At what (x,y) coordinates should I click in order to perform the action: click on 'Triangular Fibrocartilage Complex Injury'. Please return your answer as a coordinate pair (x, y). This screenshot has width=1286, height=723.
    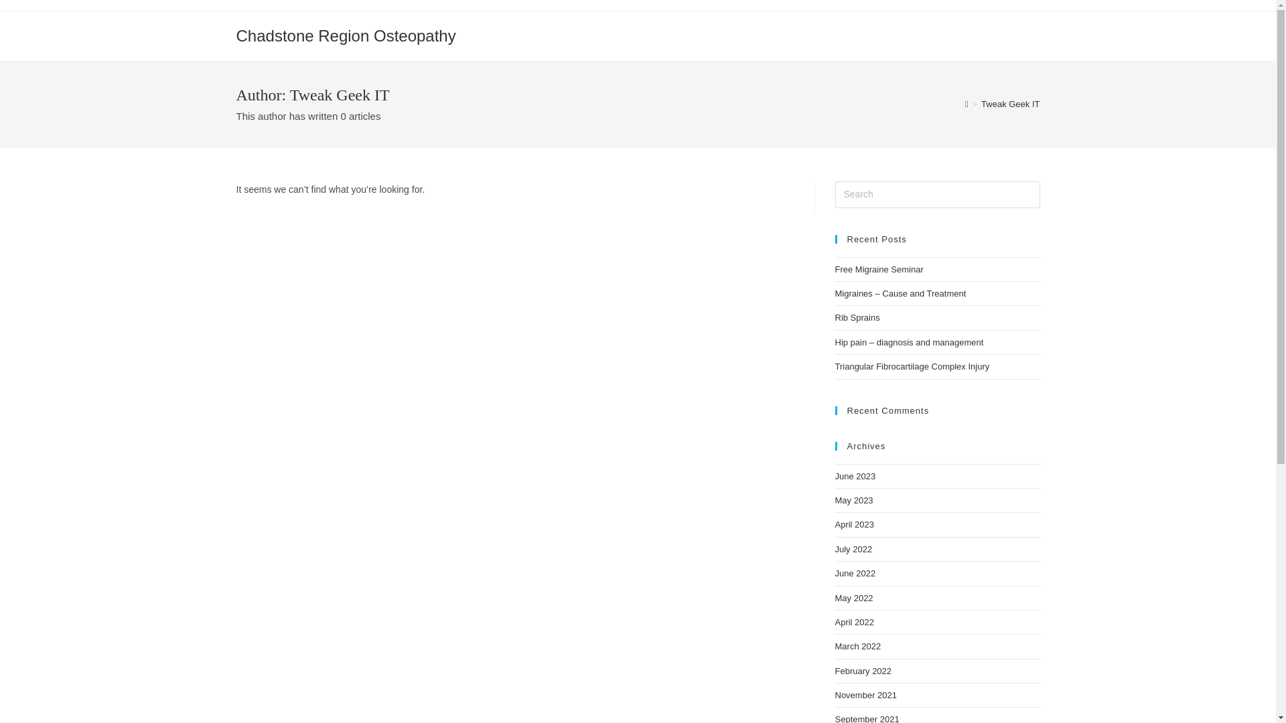
    Looking at the image, I should click on (911, 366).